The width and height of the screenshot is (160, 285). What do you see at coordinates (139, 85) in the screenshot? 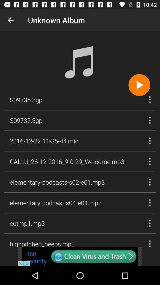
I see `button` at bounding box center [139, 85].